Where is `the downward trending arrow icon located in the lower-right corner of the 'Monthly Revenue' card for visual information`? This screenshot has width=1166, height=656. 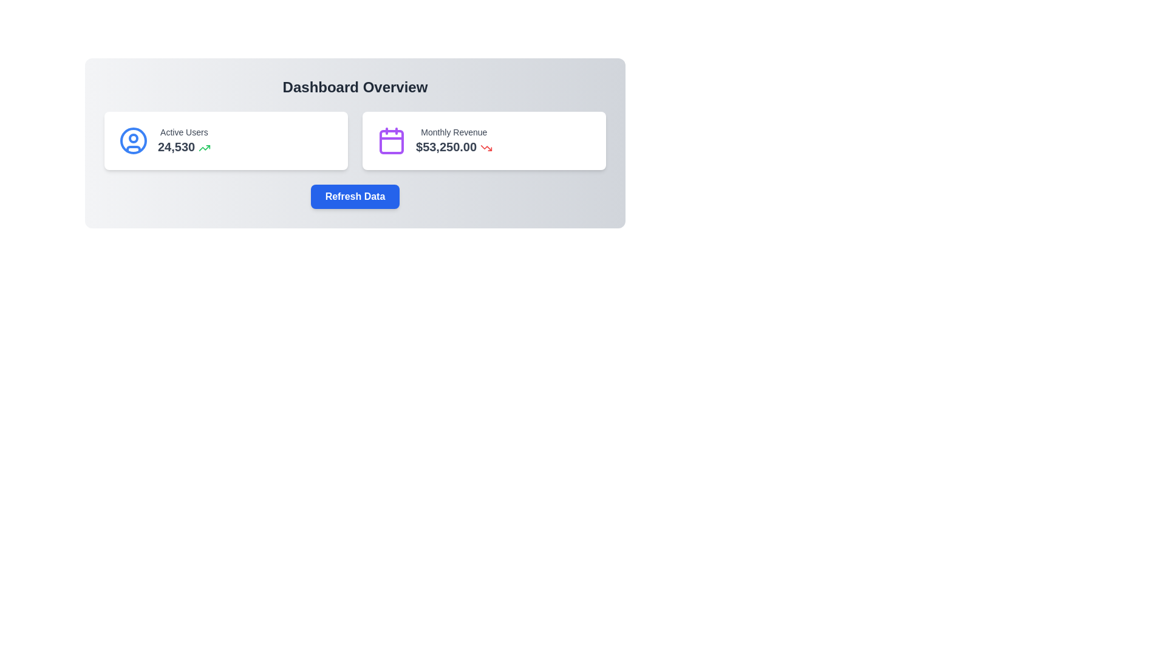 the downward trending arrow icon located in the lower-right corner of the 'Monthly Revenue' card for visual information is located at coordinates (486, 147).